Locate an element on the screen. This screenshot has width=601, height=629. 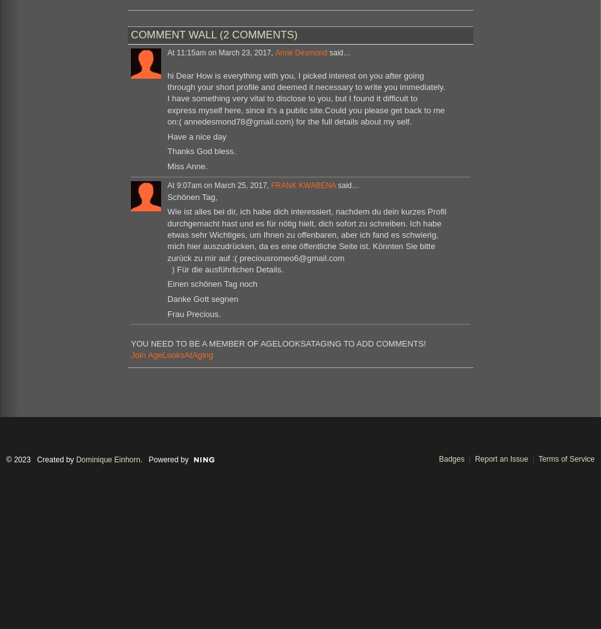
'Badges' is located at coordinates (451, 458).